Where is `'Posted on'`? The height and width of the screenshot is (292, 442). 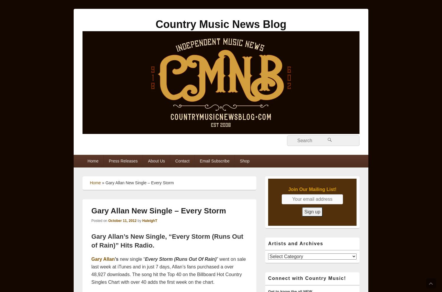
'Posted on' is located at coordinates (99, 220).